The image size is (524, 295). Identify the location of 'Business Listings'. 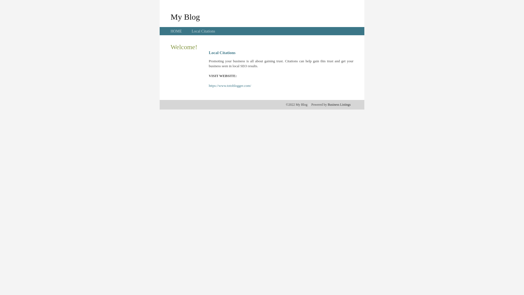
(339, 104).